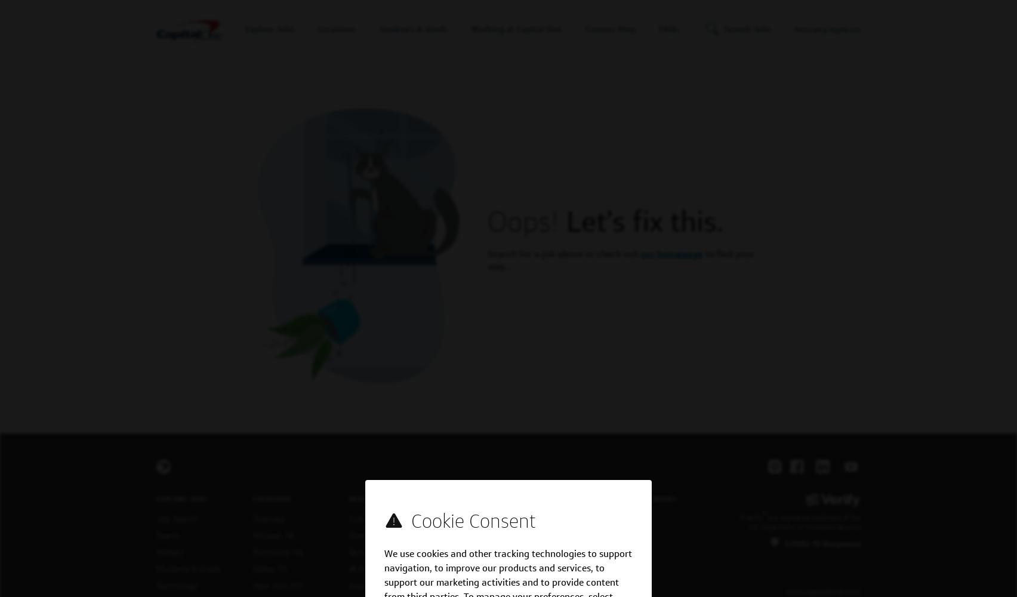 Image resolution: width=1017 pixels, height=597 pixels. I want to click on 'to find your way...', so click(621, 260).